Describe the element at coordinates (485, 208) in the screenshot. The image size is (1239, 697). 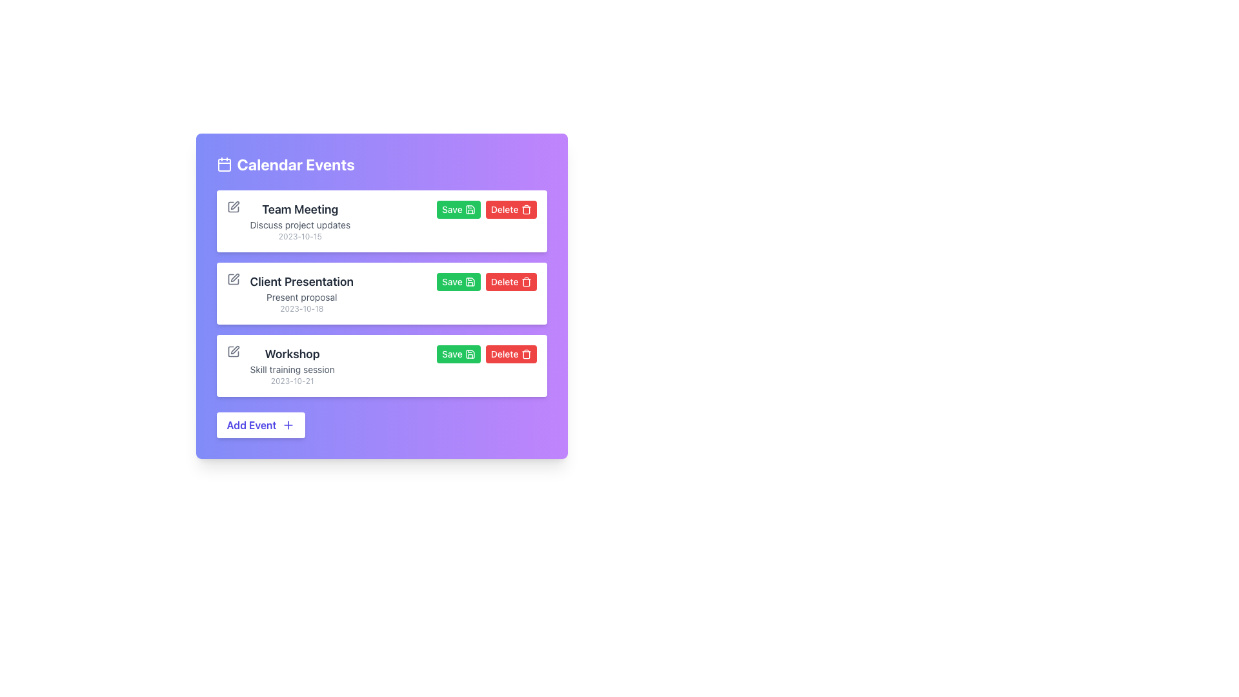
I see `the 'Delete' button in the control panel located in the top right corner of the first item in the 'Calendar Events' list` at that location.